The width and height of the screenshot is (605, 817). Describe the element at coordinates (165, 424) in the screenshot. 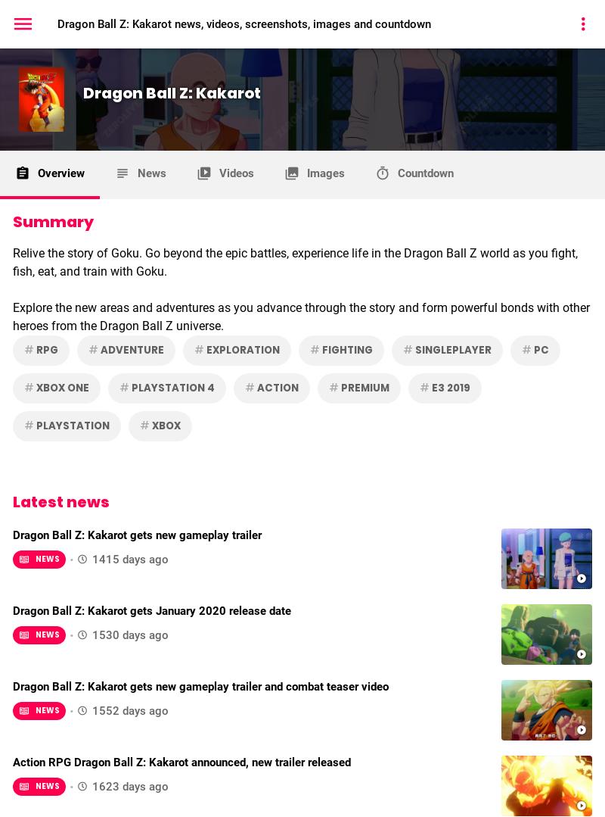

I see `'Xbox'` at that location.